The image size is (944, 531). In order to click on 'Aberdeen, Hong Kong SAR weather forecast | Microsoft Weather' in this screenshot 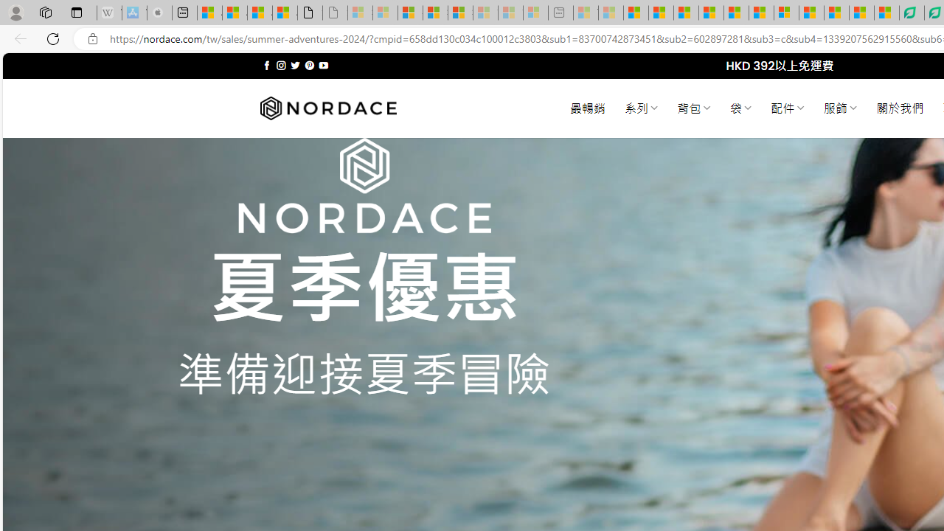, I will do `click(234, 13)`.